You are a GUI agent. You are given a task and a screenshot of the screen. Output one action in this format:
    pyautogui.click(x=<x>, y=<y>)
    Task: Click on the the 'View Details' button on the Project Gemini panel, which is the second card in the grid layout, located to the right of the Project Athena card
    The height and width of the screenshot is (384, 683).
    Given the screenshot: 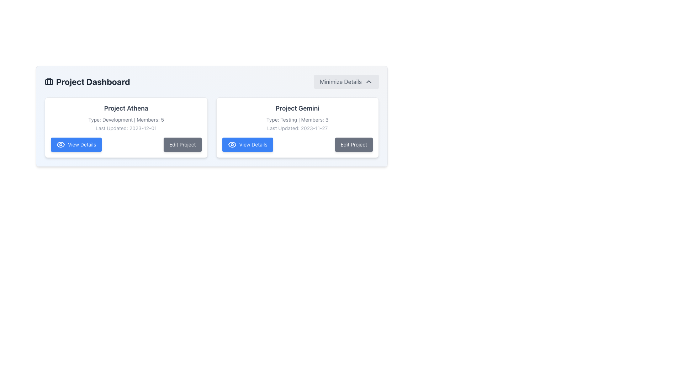 What is the action you would take?
    pyautogui.click(x=297, y=127)
    